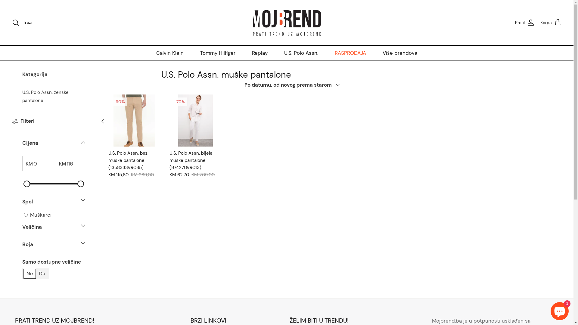 The width and height of the screenshot is (578, 325). Describe the element at coordinates (524, 22) in the screenshot. I see `'Profil'` at that location.